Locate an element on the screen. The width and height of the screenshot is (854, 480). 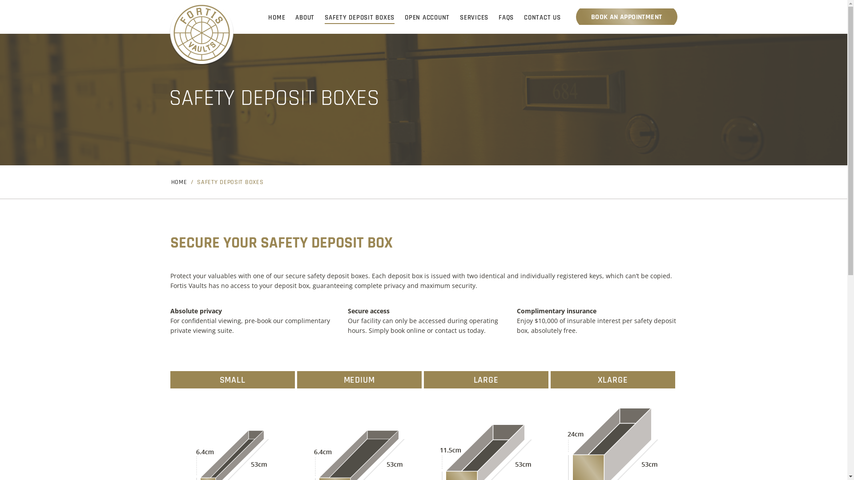
'OPEN ACCOUNT' is located at coordinates (427, 17).